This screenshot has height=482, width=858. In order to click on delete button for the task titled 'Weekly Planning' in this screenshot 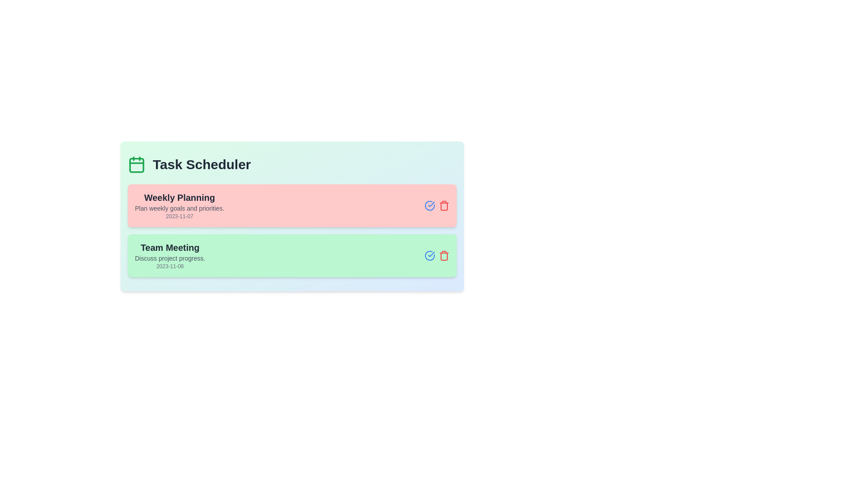, I will do `click(444, 206)`.